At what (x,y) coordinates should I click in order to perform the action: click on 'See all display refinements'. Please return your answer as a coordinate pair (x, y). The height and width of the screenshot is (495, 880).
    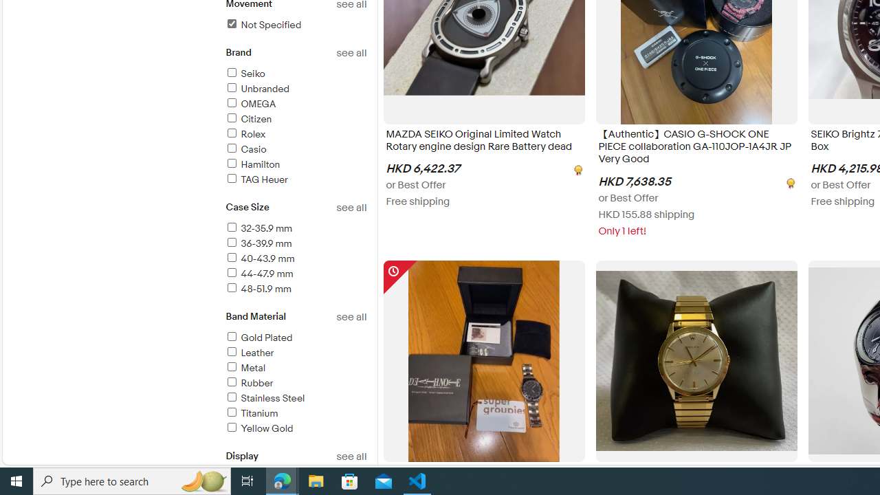
    Looking at the image, I should click on (351, 456).